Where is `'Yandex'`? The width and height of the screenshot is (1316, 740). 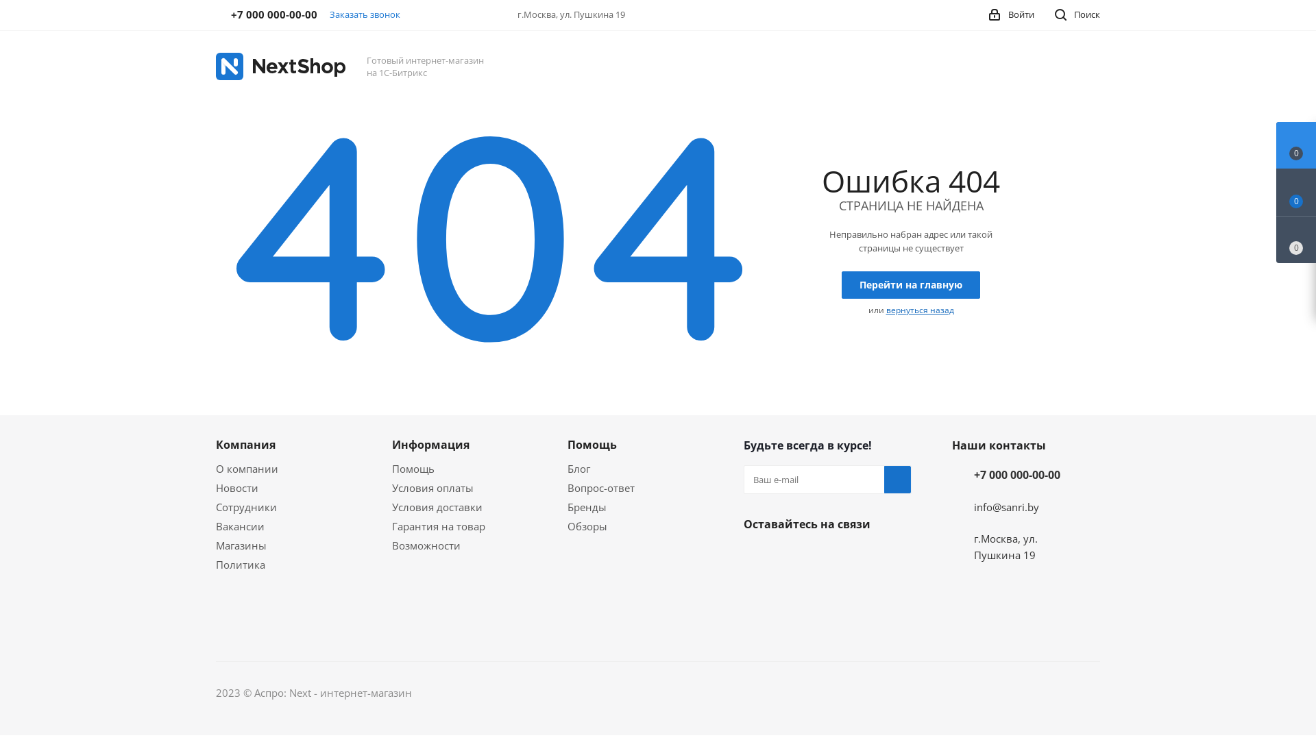 'Yandex' is located at coordinates (968, 693).